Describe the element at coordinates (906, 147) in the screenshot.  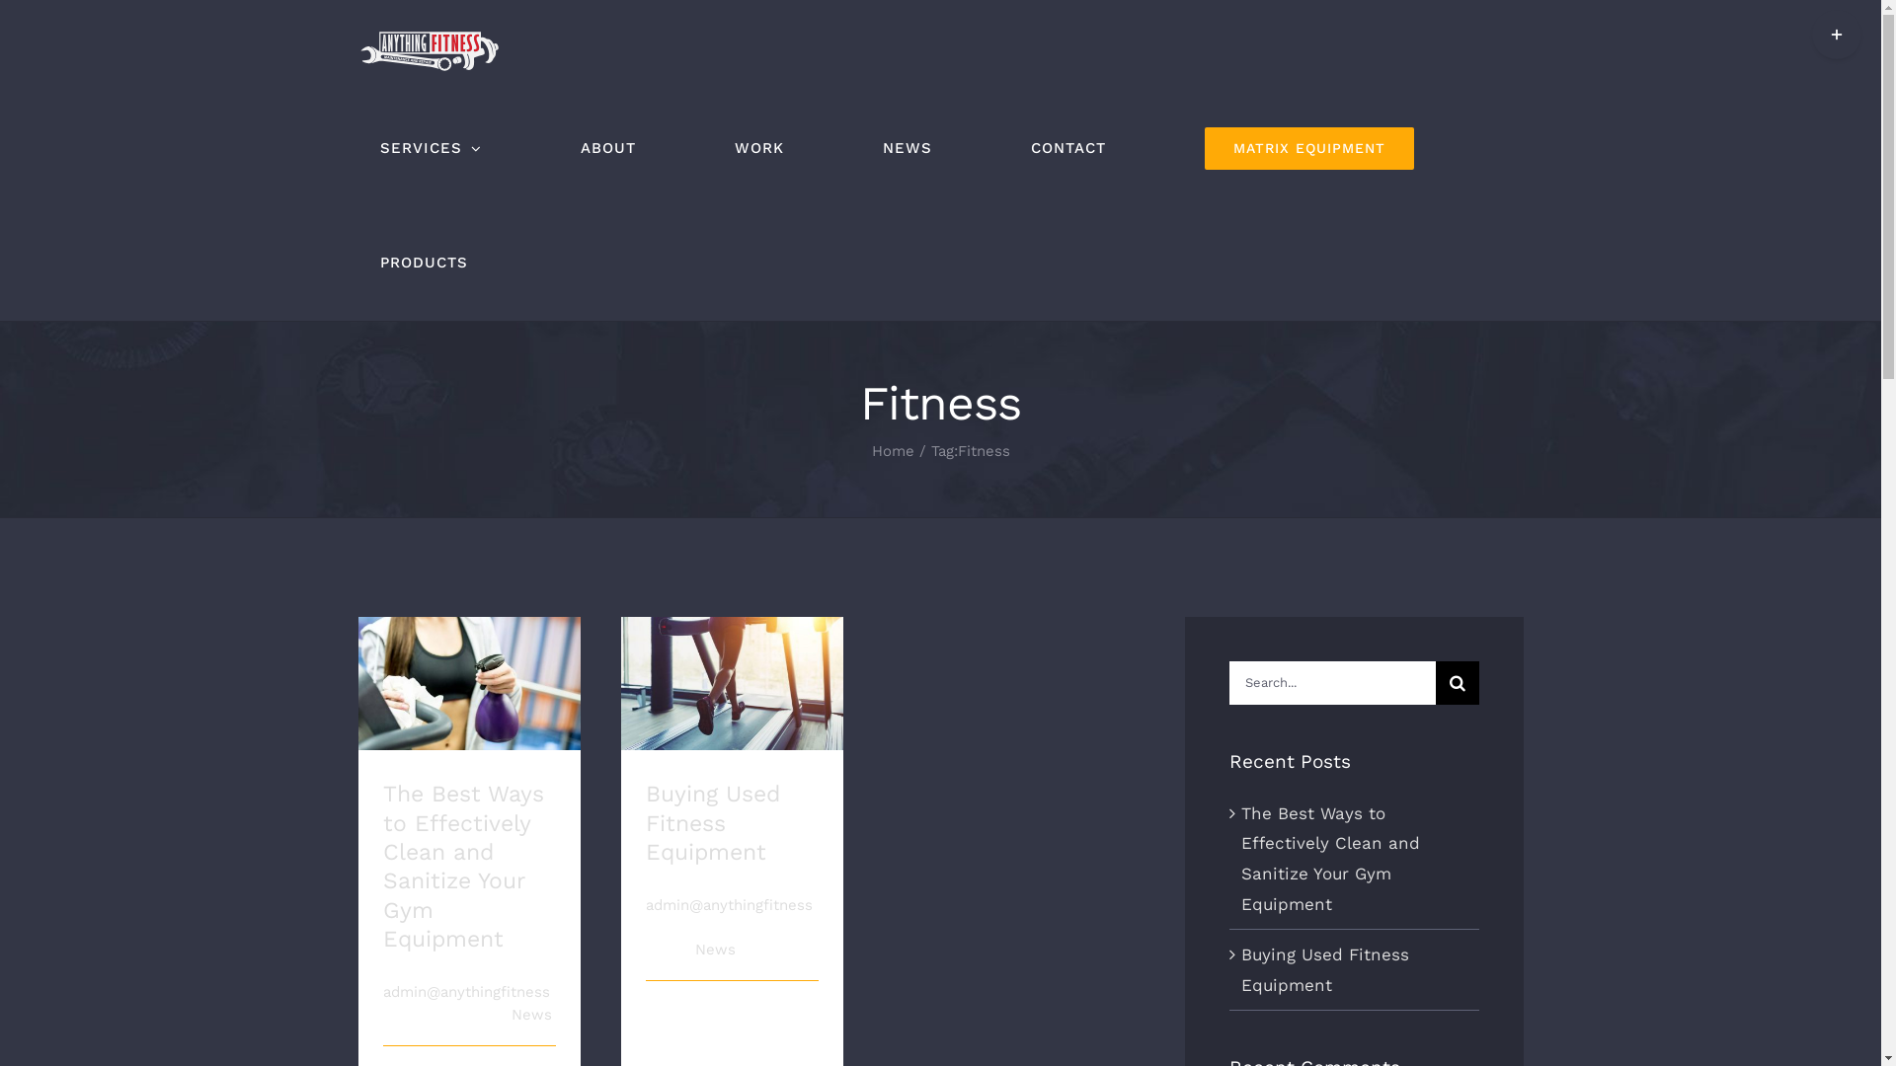
I see `'NEWS'` at that location.